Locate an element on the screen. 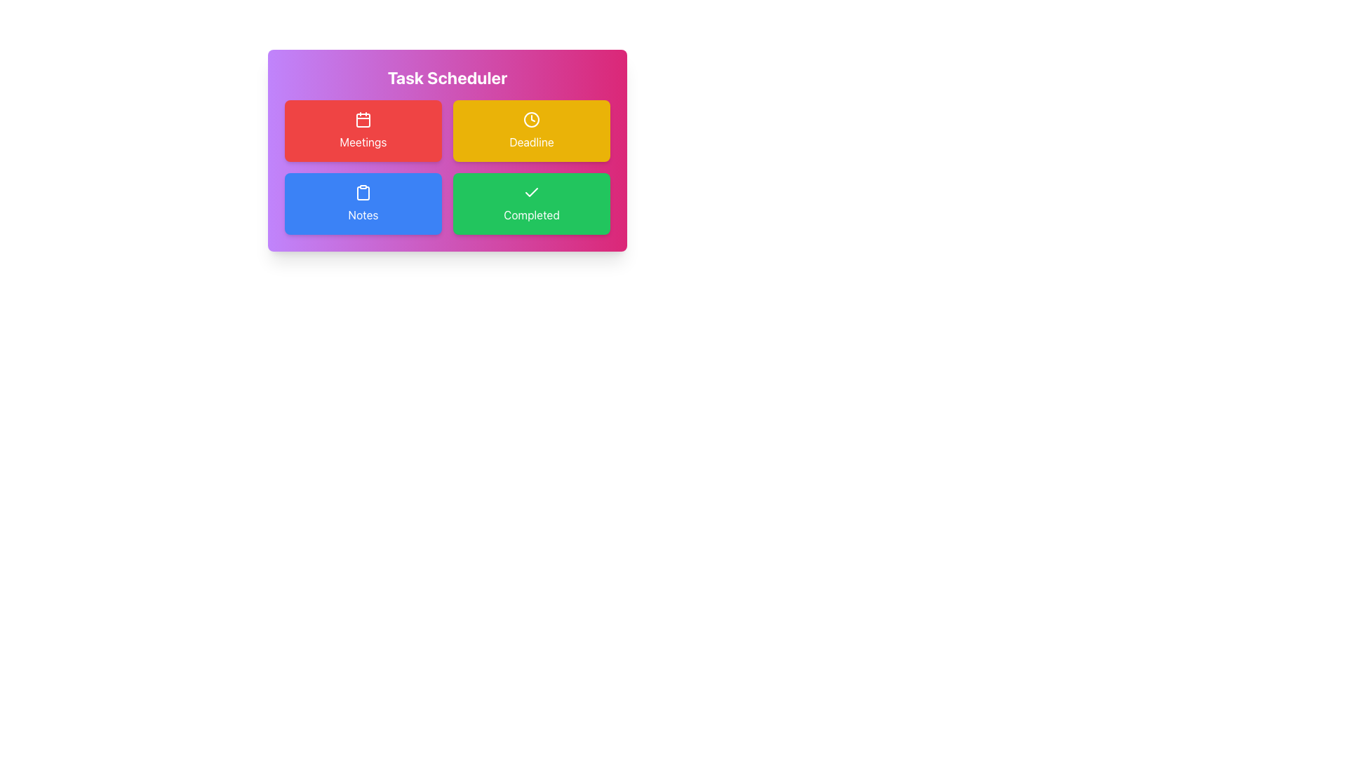 The image size is (1347, 757). the Circular Graphic (SVG Element) that symbolizes a clock face associated with the 'Deadline' label is located at coordinates (531, 118).